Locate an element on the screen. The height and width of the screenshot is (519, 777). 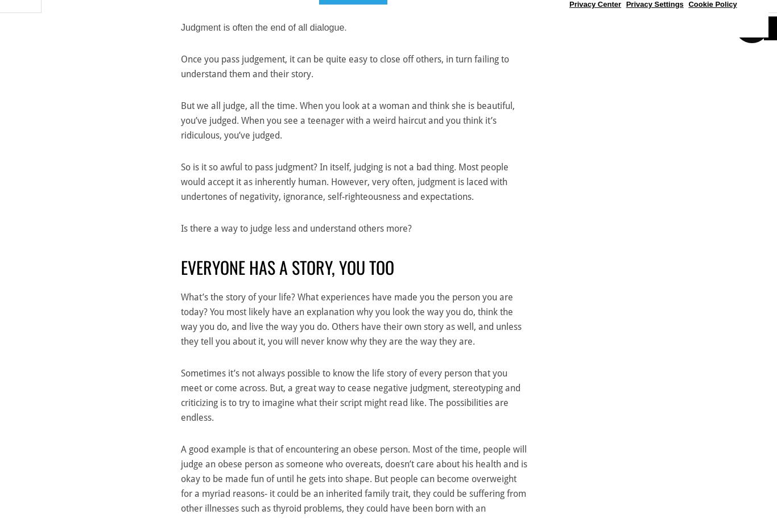
'What’s the story of your life? What experiences have made you the person you are today? You most likely have an explanation why you look the way you do, think the way you do, and live the way you do. Others have their own story as well, and unless they tell you about it, you will never know why they are the way they are.' is located at coordinates (350, 319).